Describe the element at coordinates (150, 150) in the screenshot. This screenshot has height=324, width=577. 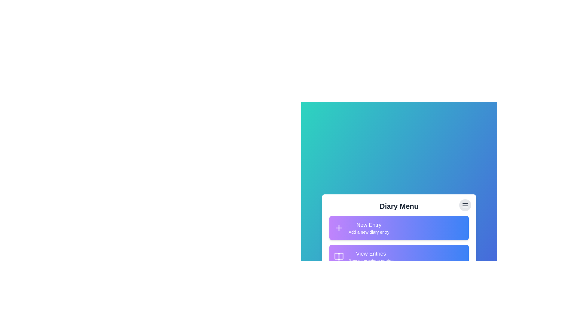
I see `the background area to close the menu` at that location.